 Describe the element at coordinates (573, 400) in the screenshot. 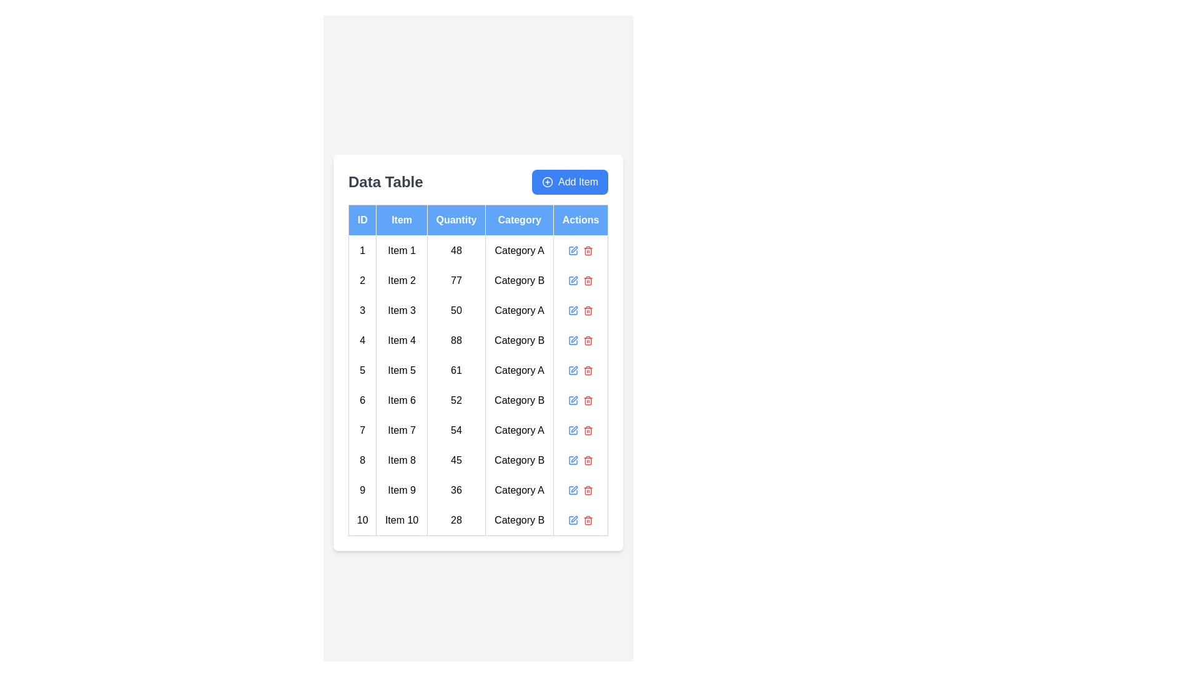

I see `the edit action button located in the 'Actions' column of the sixth row in the data table` at that location.